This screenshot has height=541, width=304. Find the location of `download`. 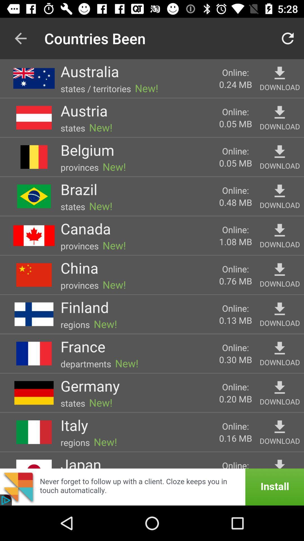

download is located at coordinates (280, 112).